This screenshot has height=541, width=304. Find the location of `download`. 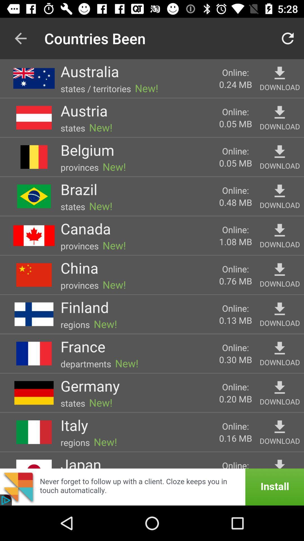

download is located at coordinates (280, 112).